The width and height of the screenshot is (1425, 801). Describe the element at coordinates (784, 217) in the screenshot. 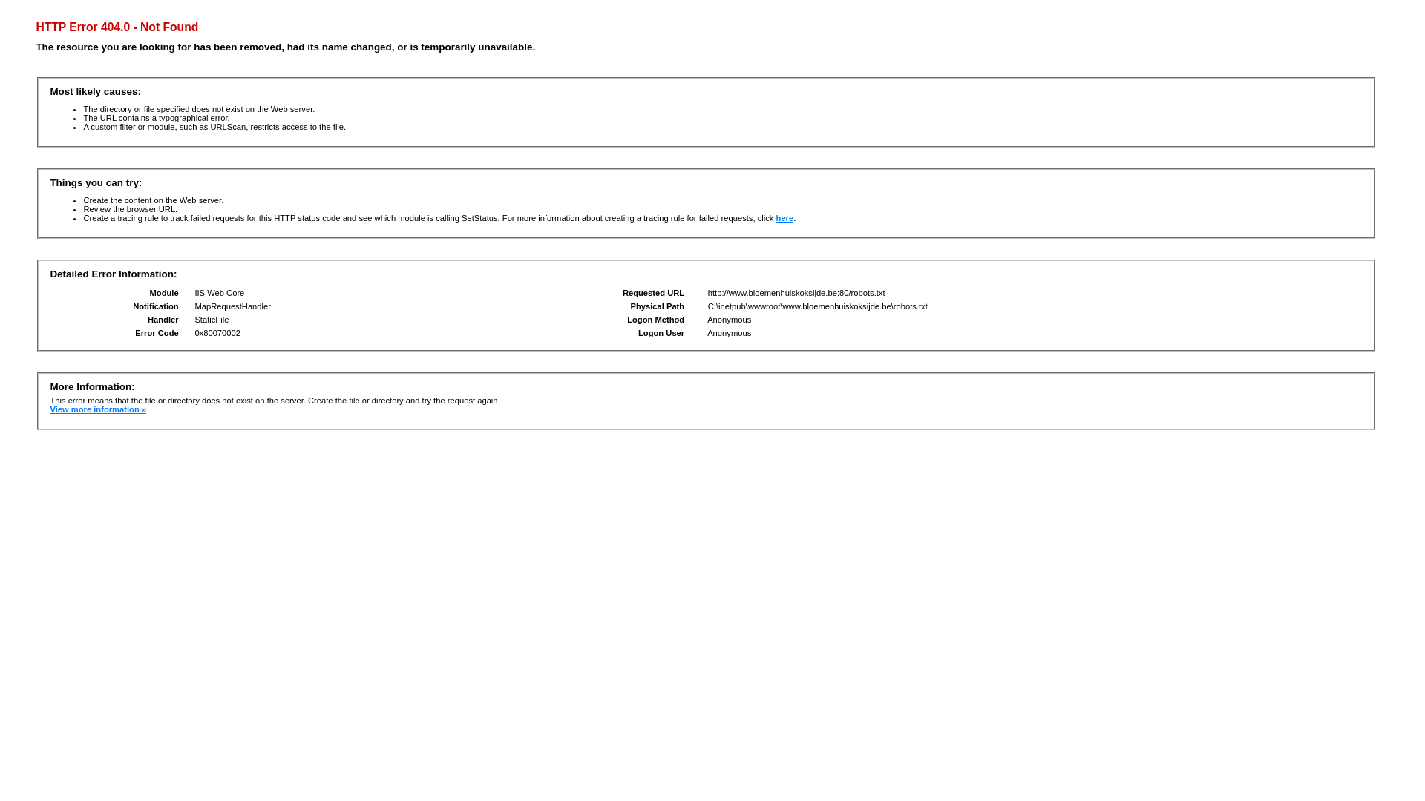

I see `'here'` at that location.